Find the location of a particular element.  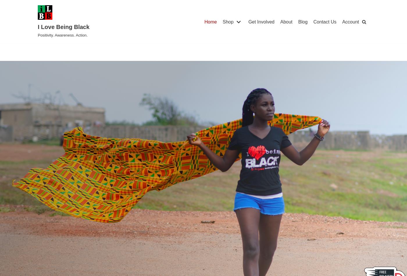

'Advertising & Services' is located at coordinates (215, 126).